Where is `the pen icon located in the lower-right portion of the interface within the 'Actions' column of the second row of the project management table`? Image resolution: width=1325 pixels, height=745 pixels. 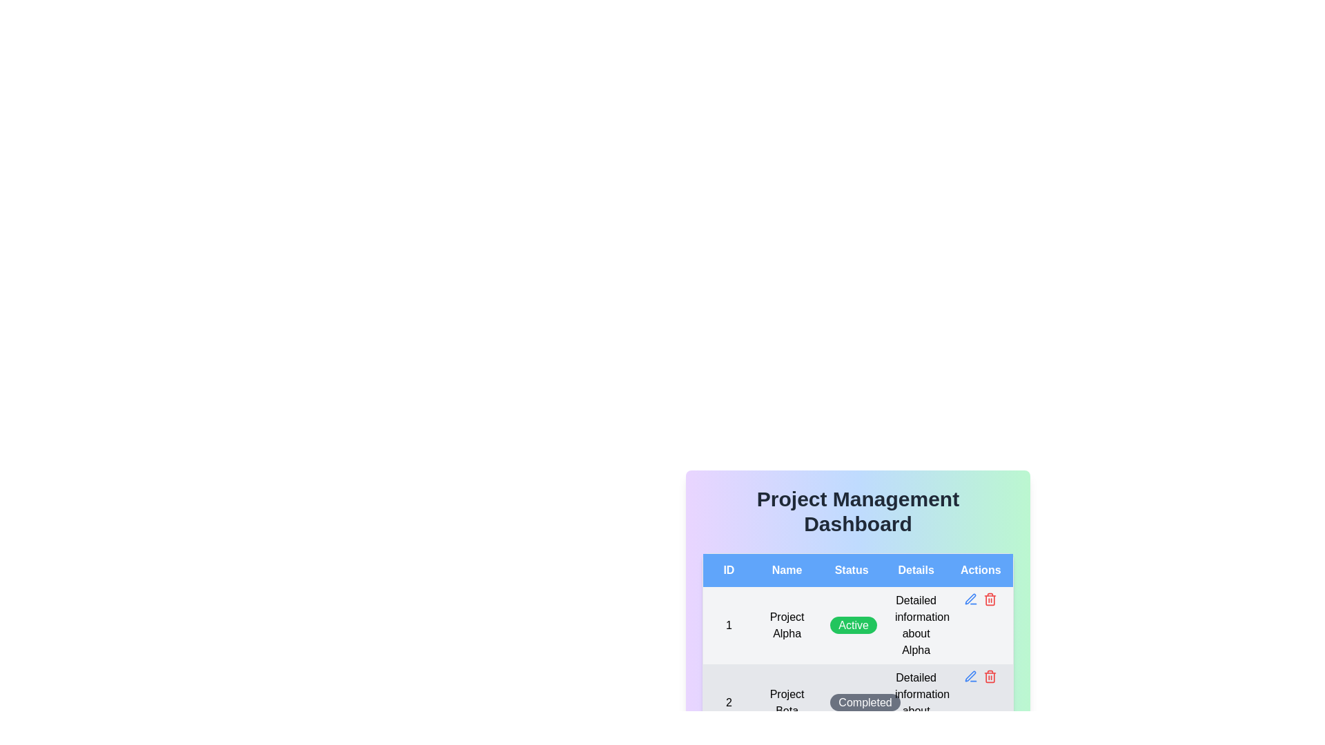
the pen icon located in the lower-right portion of the interface within the 'Actions' column of the second row of the project management table is located at coordinates (970, 598).